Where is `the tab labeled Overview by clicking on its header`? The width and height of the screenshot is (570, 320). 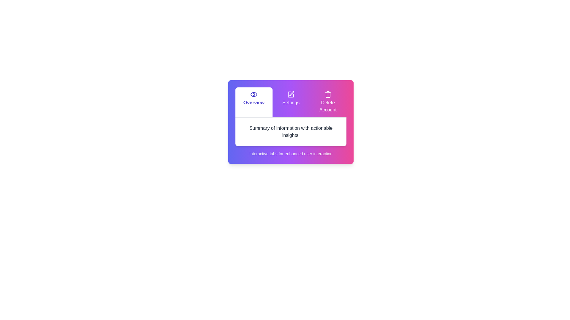
the tab labeled Overview by clicking on its header is located at coordinates (254, 102).